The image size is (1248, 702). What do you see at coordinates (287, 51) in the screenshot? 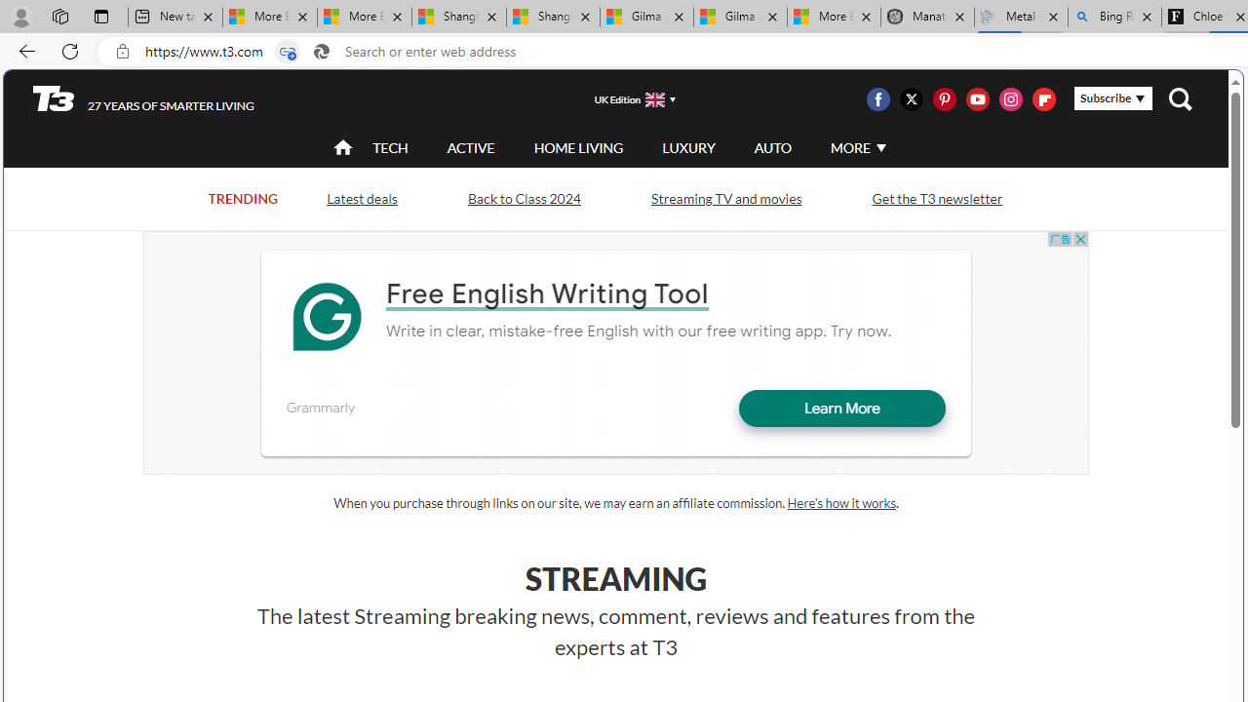
I see `'Tabs in split screen'` at bounding box center [287, 51].